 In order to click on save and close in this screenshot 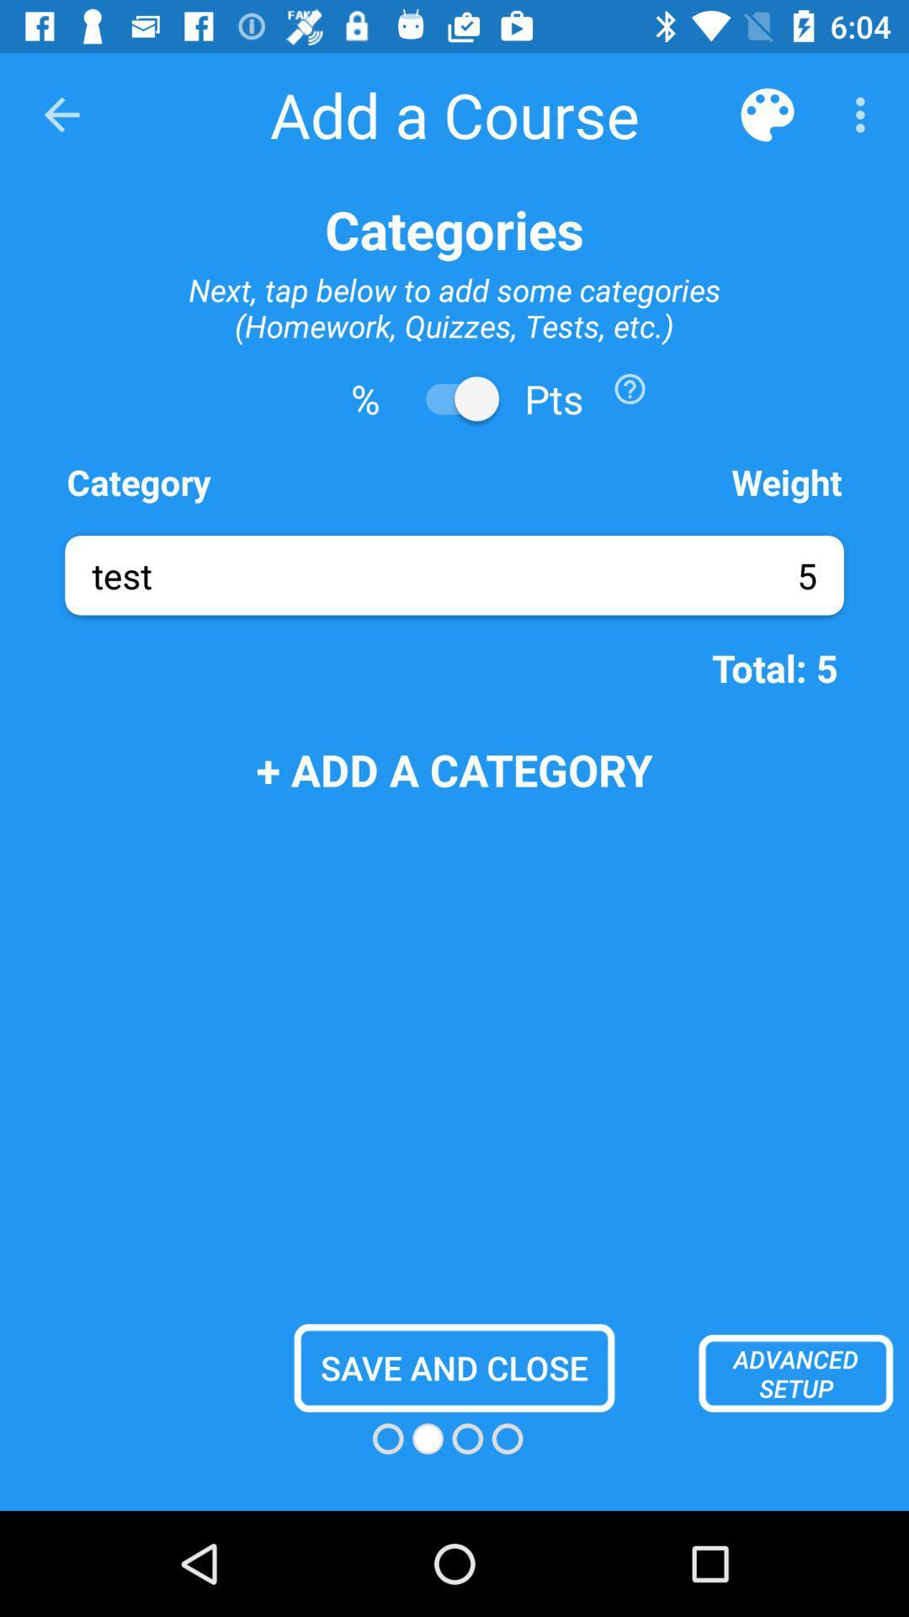, I will do `click(454, 1368)`.